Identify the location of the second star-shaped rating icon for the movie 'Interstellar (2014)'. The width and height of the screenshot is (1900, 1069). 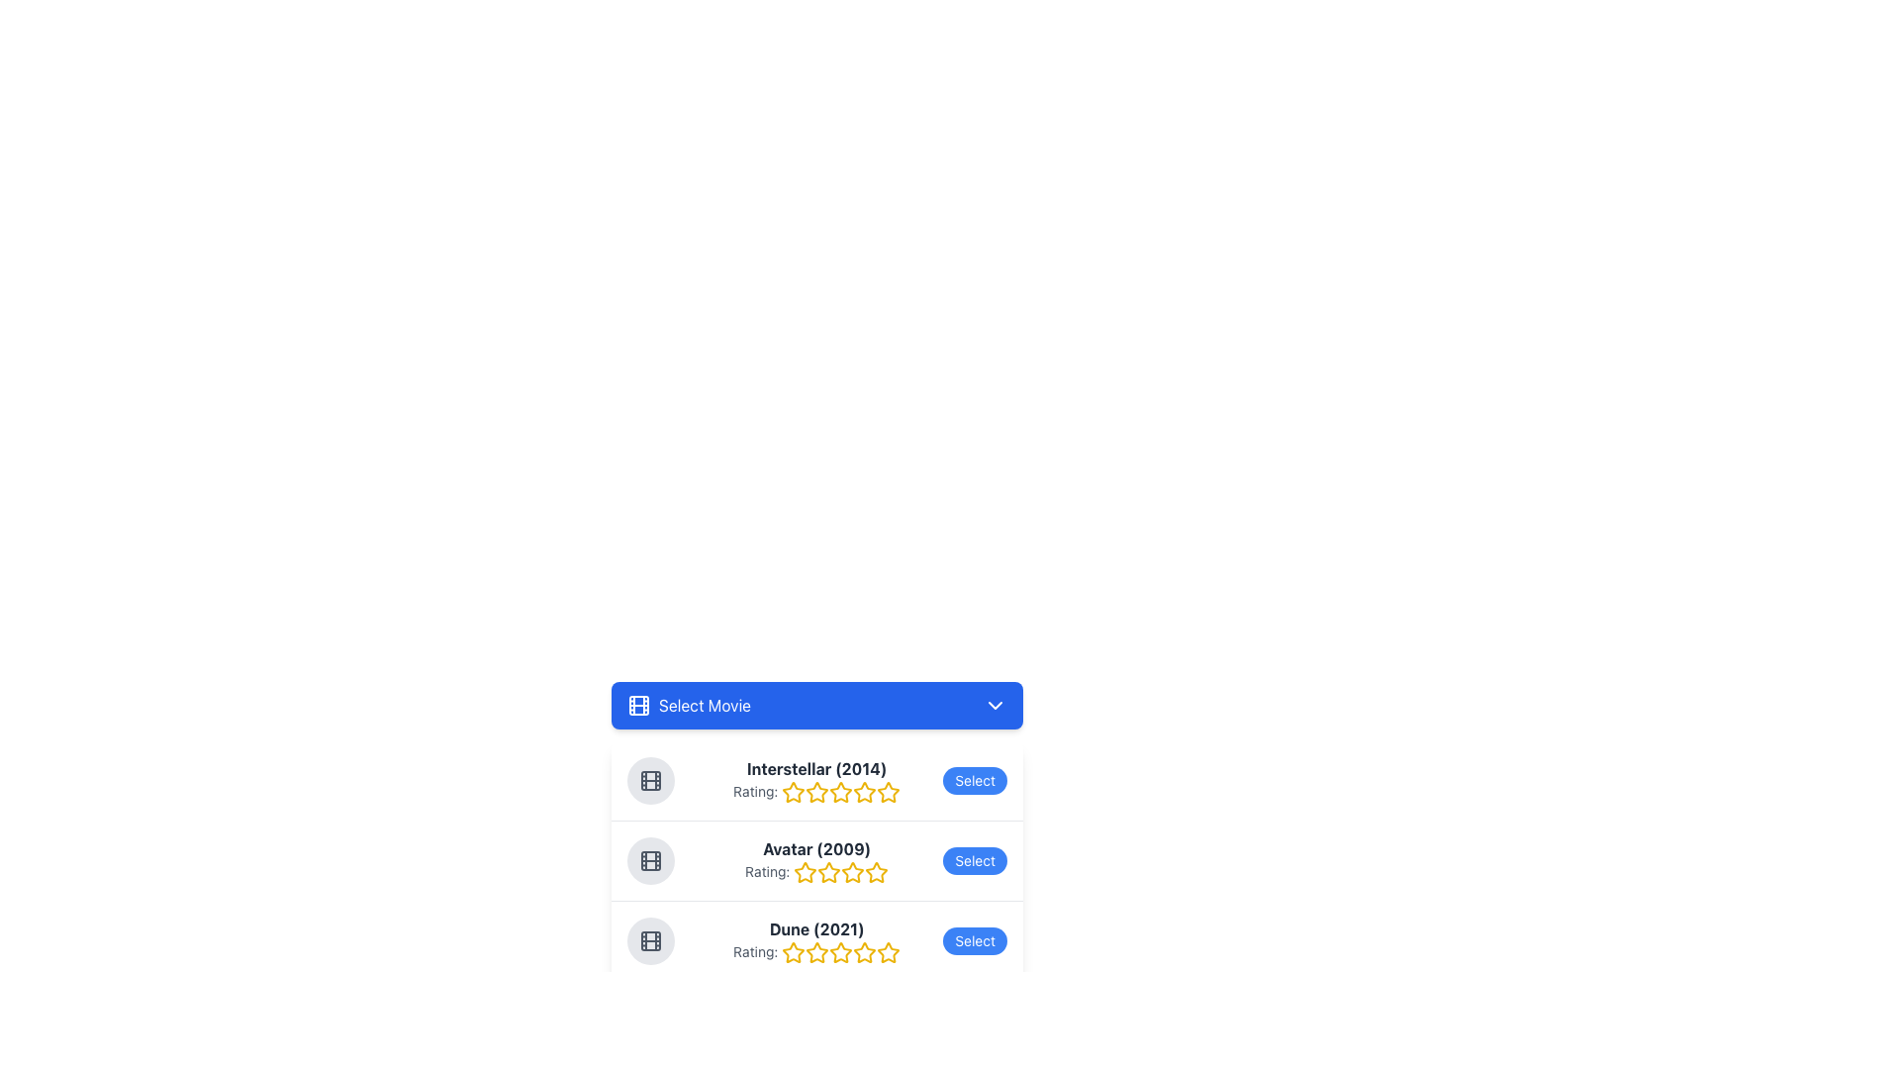
(841, 791).